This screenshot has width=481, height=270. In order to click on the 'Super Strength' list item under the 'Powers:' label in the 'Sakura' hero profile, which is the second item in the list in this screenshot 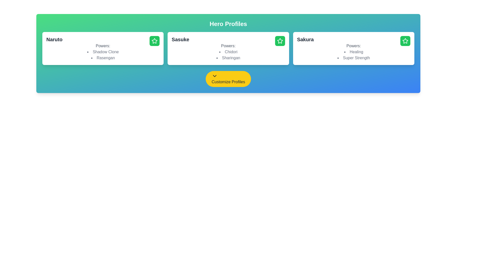, I will do `click(353, 57)`.